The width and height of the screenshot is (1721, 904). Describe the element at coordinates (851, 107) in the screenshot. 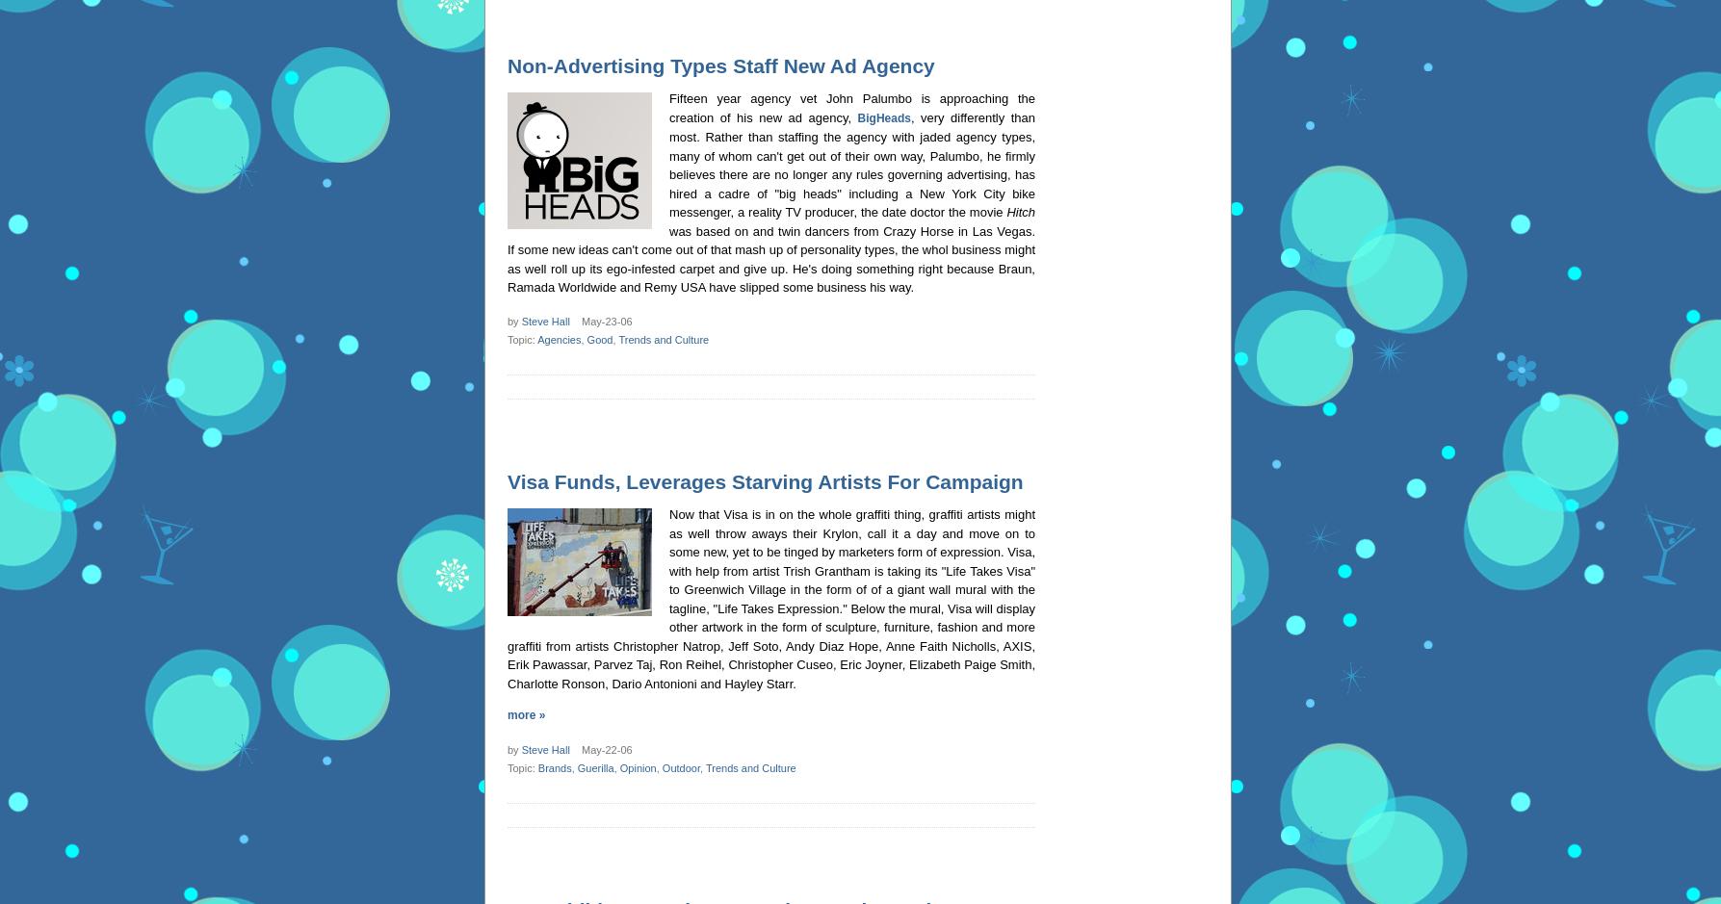

I see `'Fifteen year agency vet John Palumbo is approaching the creation of his new ad agency,'` at that location.